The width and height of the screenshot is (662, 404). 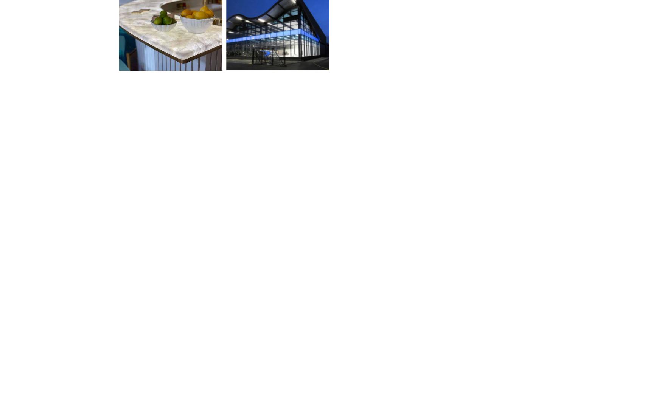 I want to click on 'Artwork by Alke Schmidt backlit using LED Light Sheet', so click(x=233, y=281).